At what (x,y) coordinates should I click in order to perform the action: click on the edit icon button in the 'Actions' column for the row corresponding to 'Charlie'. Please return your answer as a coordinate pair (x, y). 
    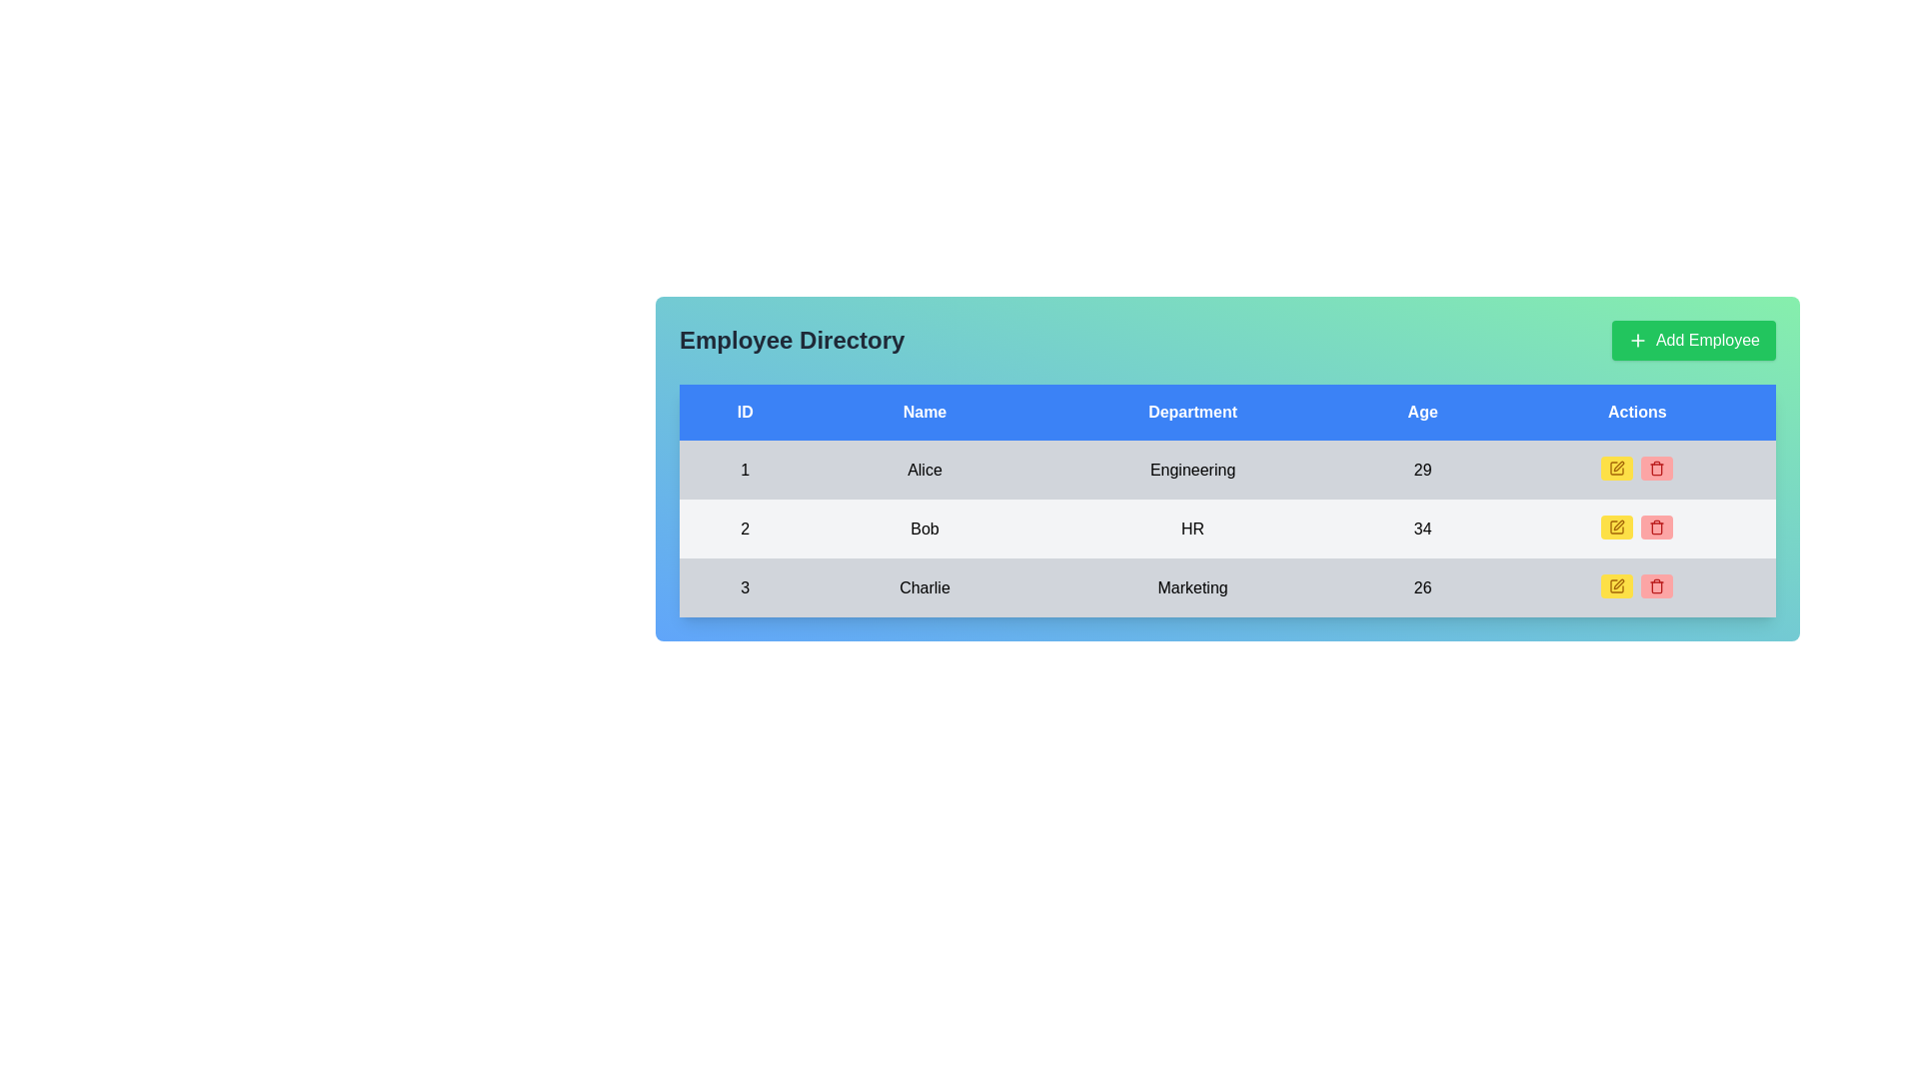
    Looking at the image, I should click on (1617, 584).